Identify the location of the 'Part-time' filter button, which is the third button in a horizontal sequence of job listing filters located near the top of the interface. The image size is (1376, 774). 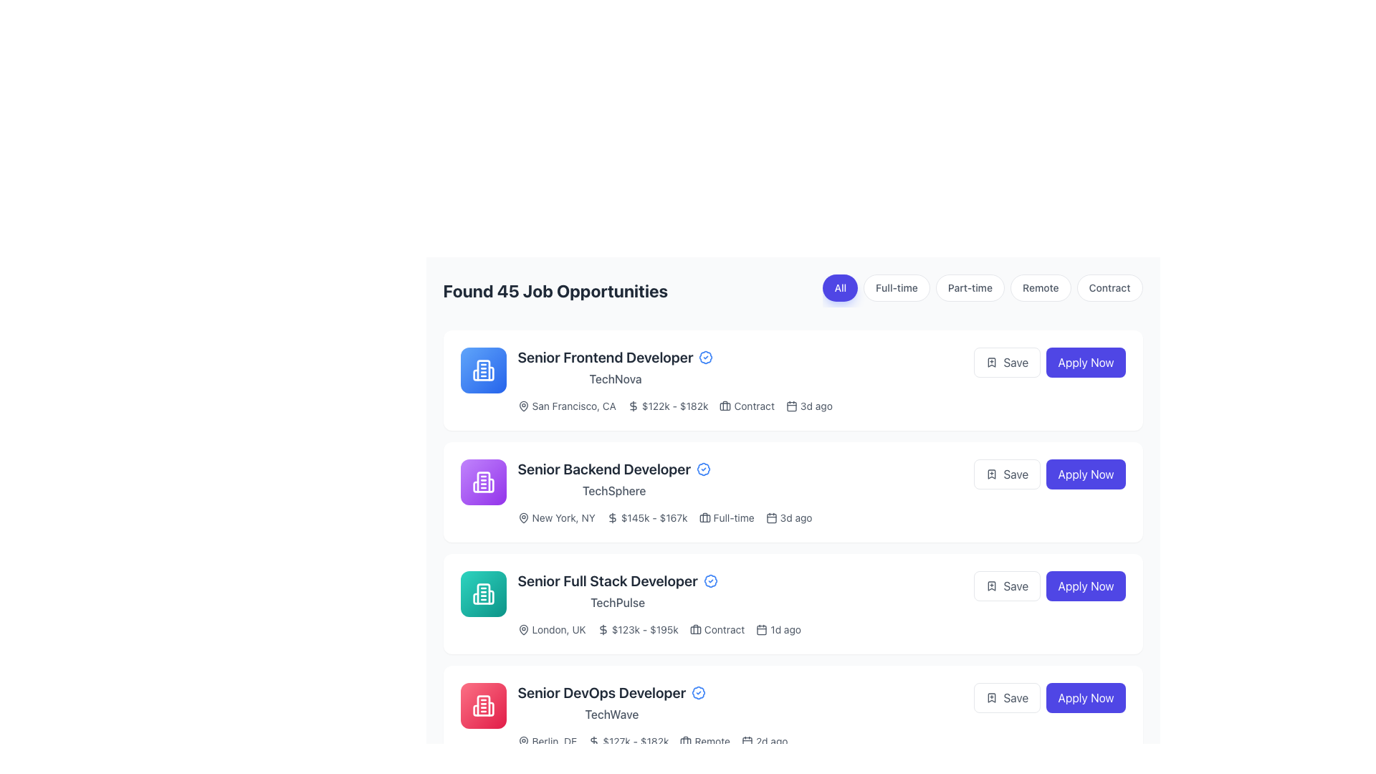
(970, 287).